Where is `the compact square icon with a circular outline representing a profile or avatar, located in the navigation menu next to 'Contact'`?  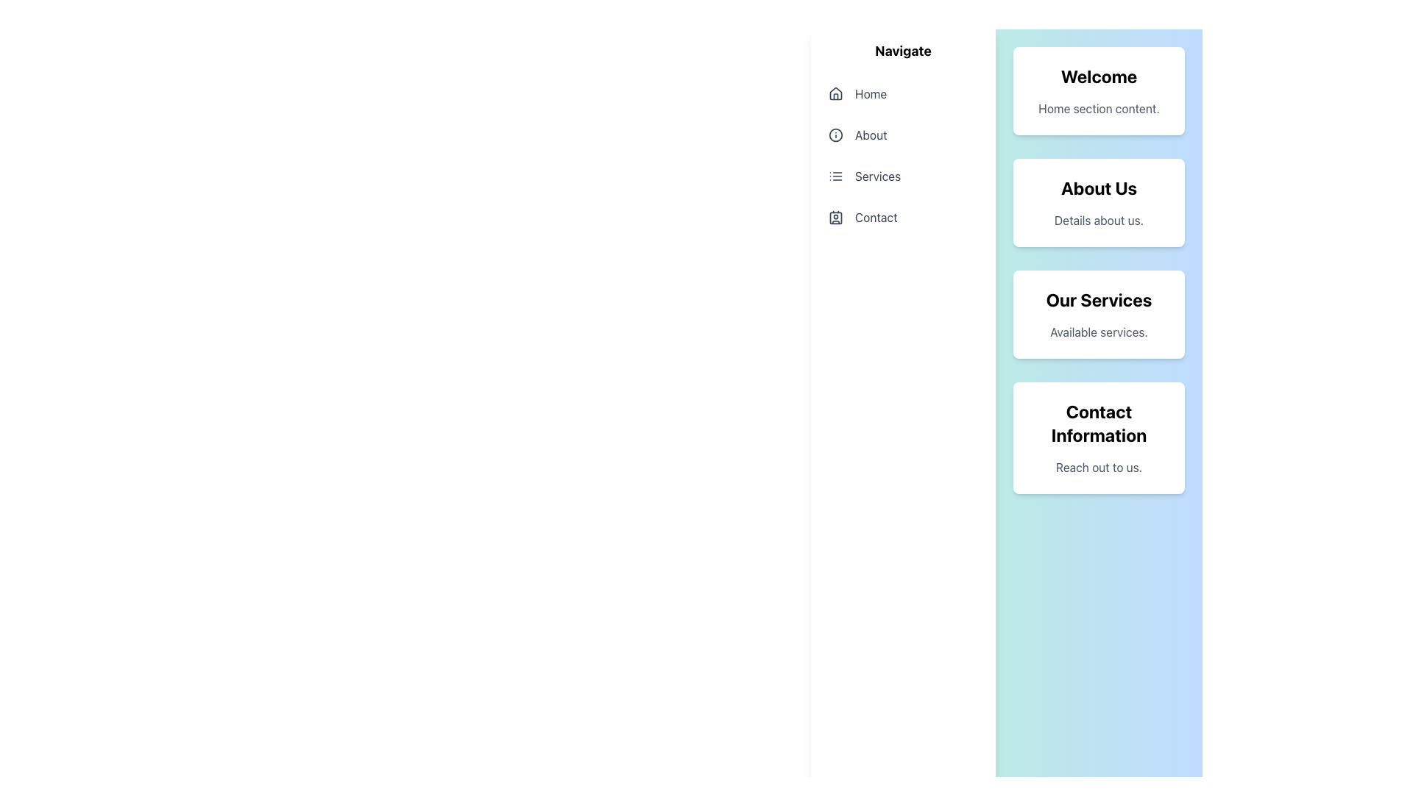 the compact square icon with a circular outline representing a profile or avatar, located in the navigation menu next to 'Contact' is located at coordinates (836, 218).